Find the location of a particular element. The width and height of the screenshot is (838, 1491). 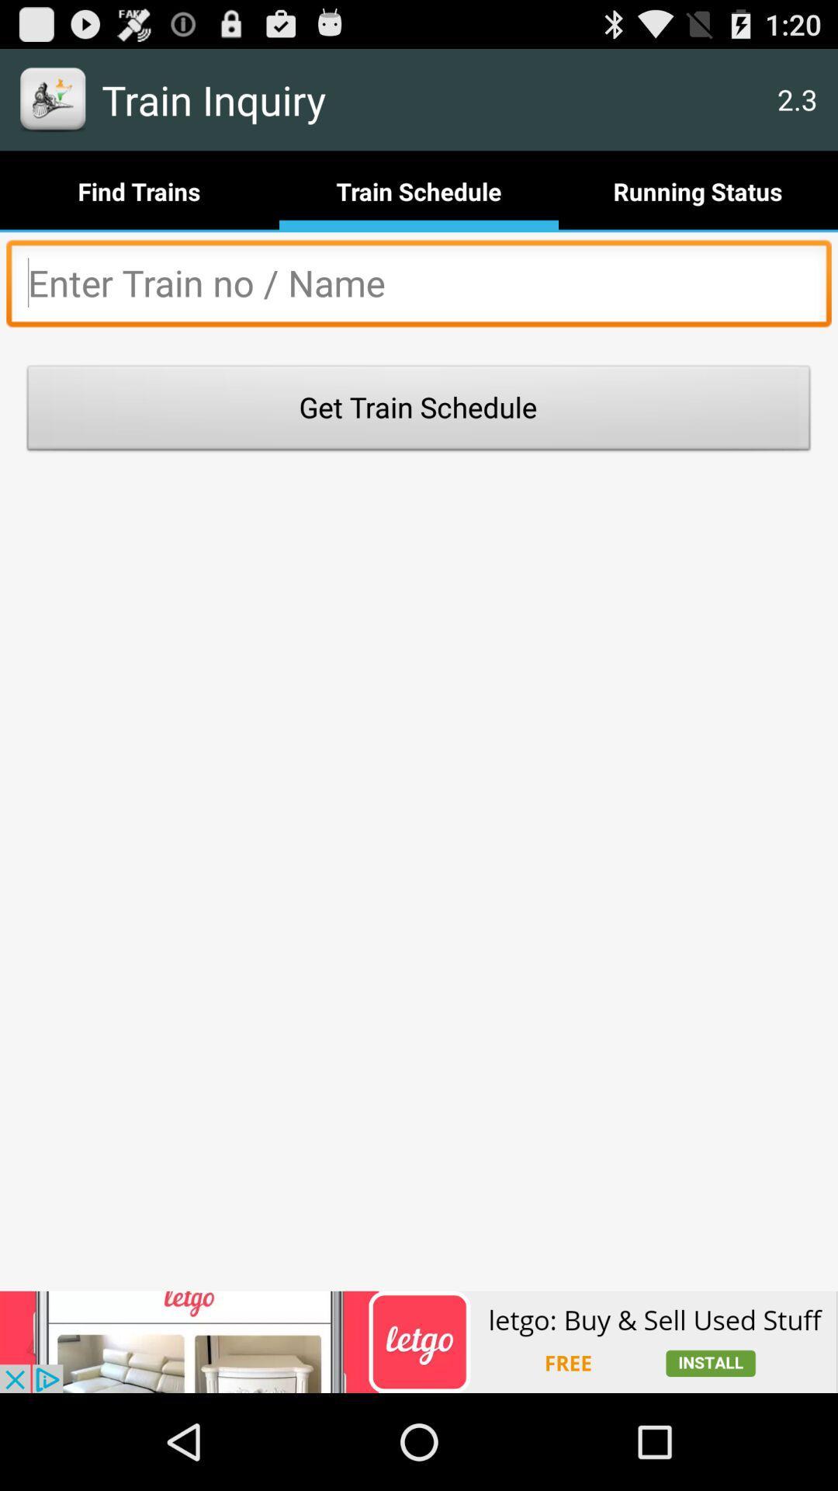

watch advertisement is located at coordinates (419, 1341).